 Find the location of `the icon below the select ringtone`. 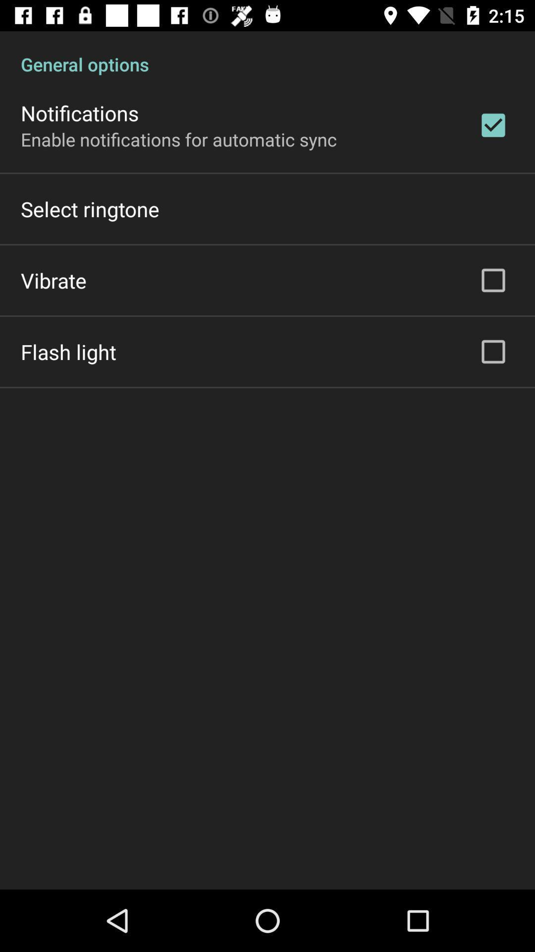

the icon below the select ringtone is located at coordinates (53, 280).